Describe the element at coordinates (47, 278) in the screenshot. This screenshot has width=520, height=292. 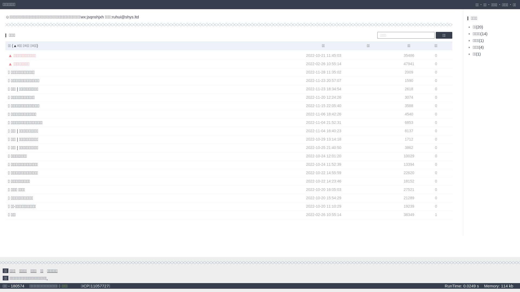
I see `'.'` at that location.